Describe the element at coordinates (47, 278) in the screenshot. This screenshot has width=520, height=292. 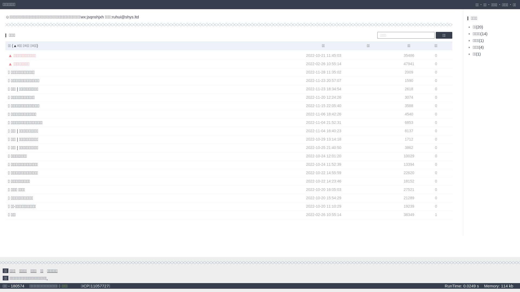
I see `'.'` at that location.